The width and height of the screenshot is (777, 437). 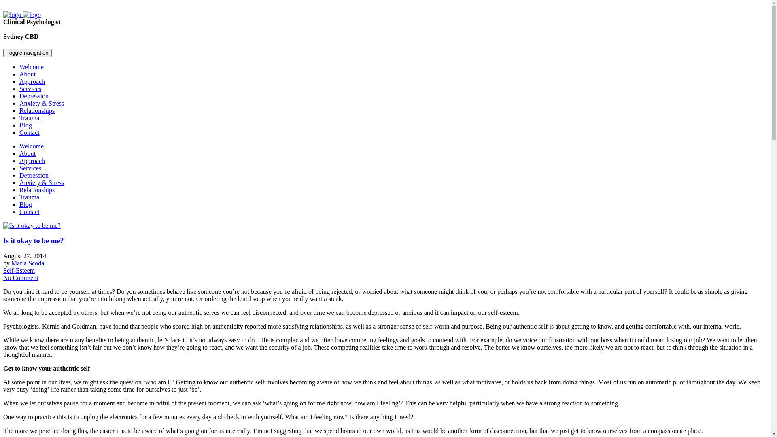 What do you see at coordinates (29, 132) in the screenshot?
I see `'Contact'` at bounding box center [29, 132].